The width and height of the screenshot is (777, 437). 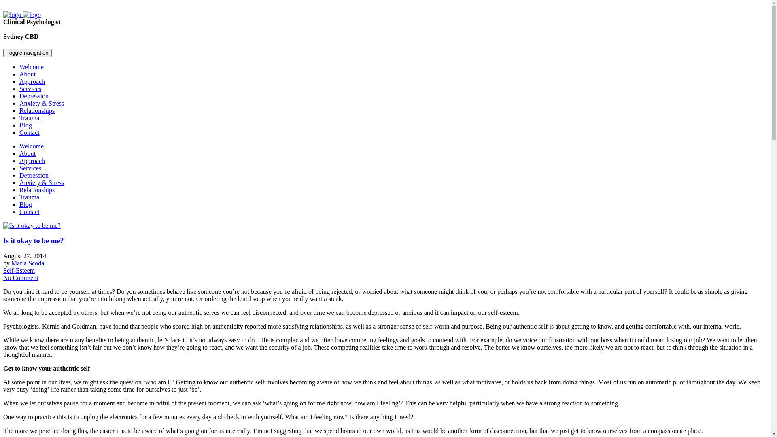 What do you see at coordinates (29, 132) in the screenshot?
I see `'Contact'` at bounding box center [29, 132].